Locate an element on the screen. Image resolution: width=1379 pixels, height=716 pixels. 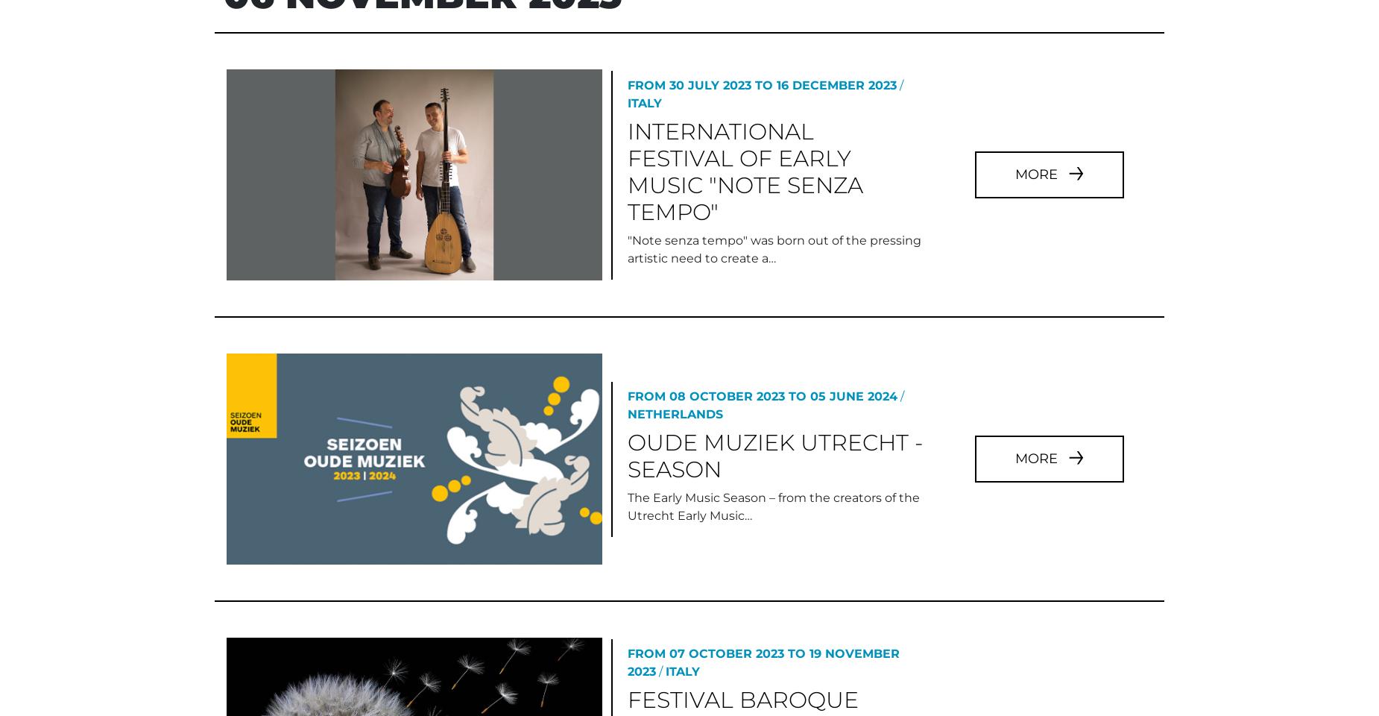
'REMA' is located at coordinates (241, 666).